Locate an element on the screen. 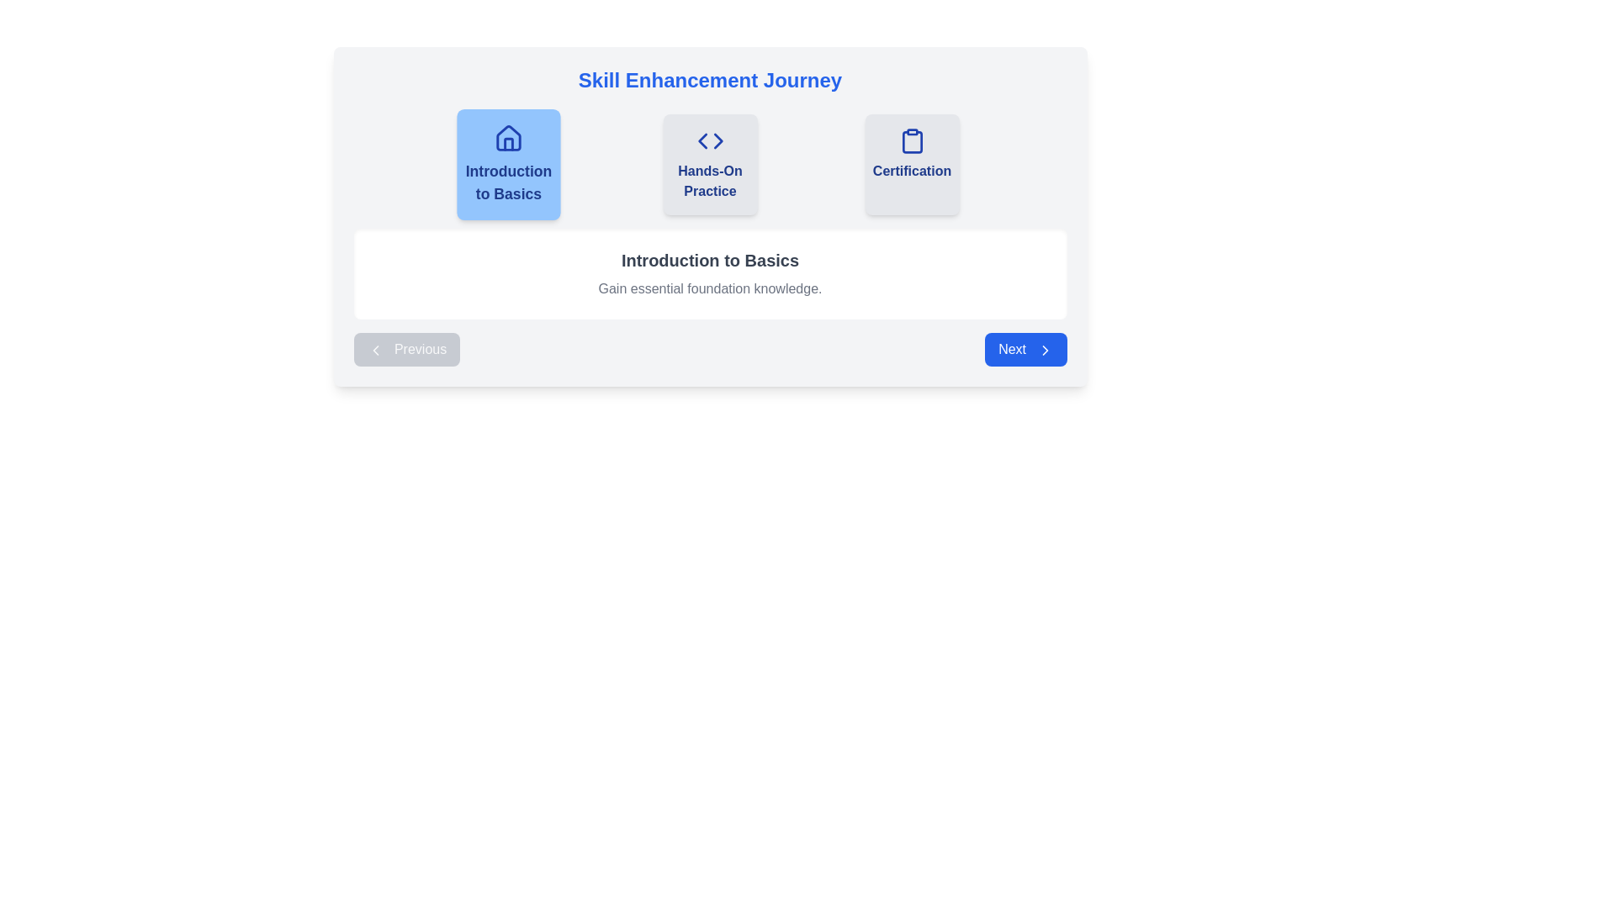 This screenshot has height=908, width=1615. the chevron icon located on the far right side of the 'Next' button to interact with the button is located at coordinates (1044, 349).